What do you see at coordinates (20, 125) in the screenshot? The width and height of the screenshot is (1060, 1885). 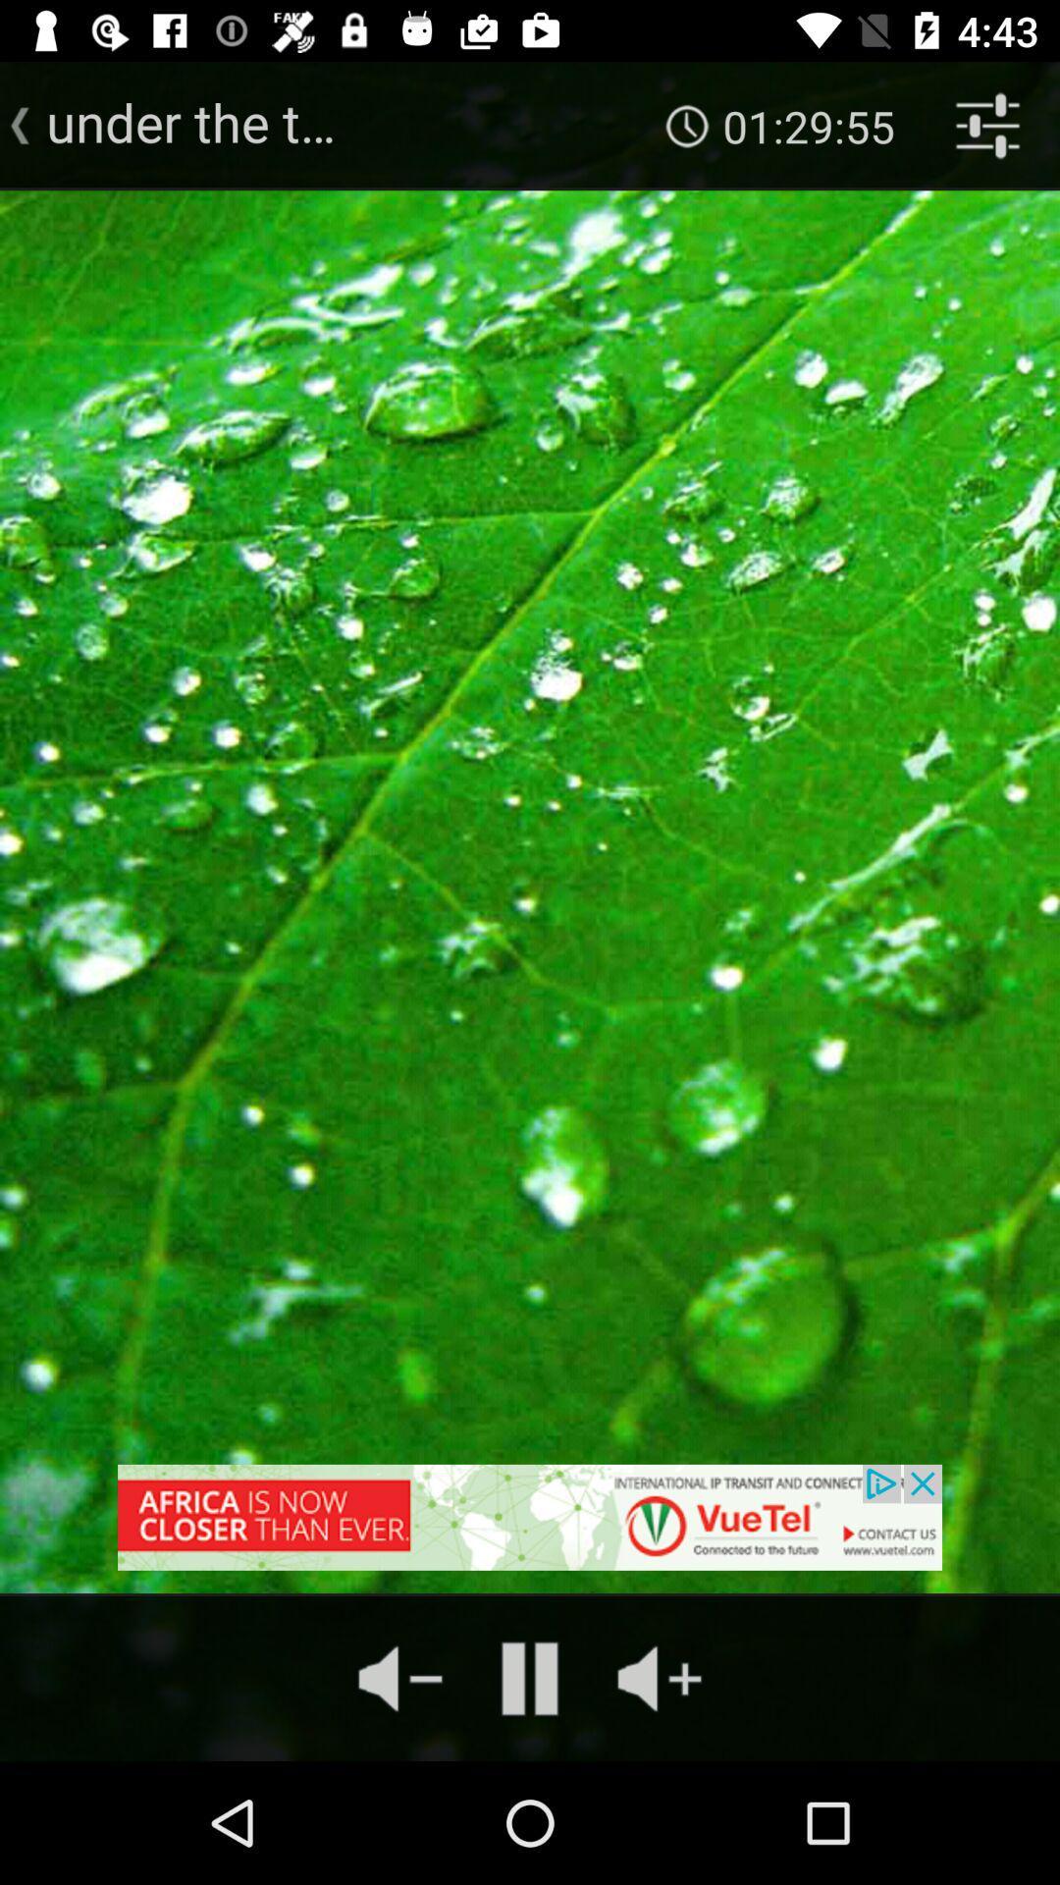 I see `the arrow_backward icon` at bounding box center [20, 125].